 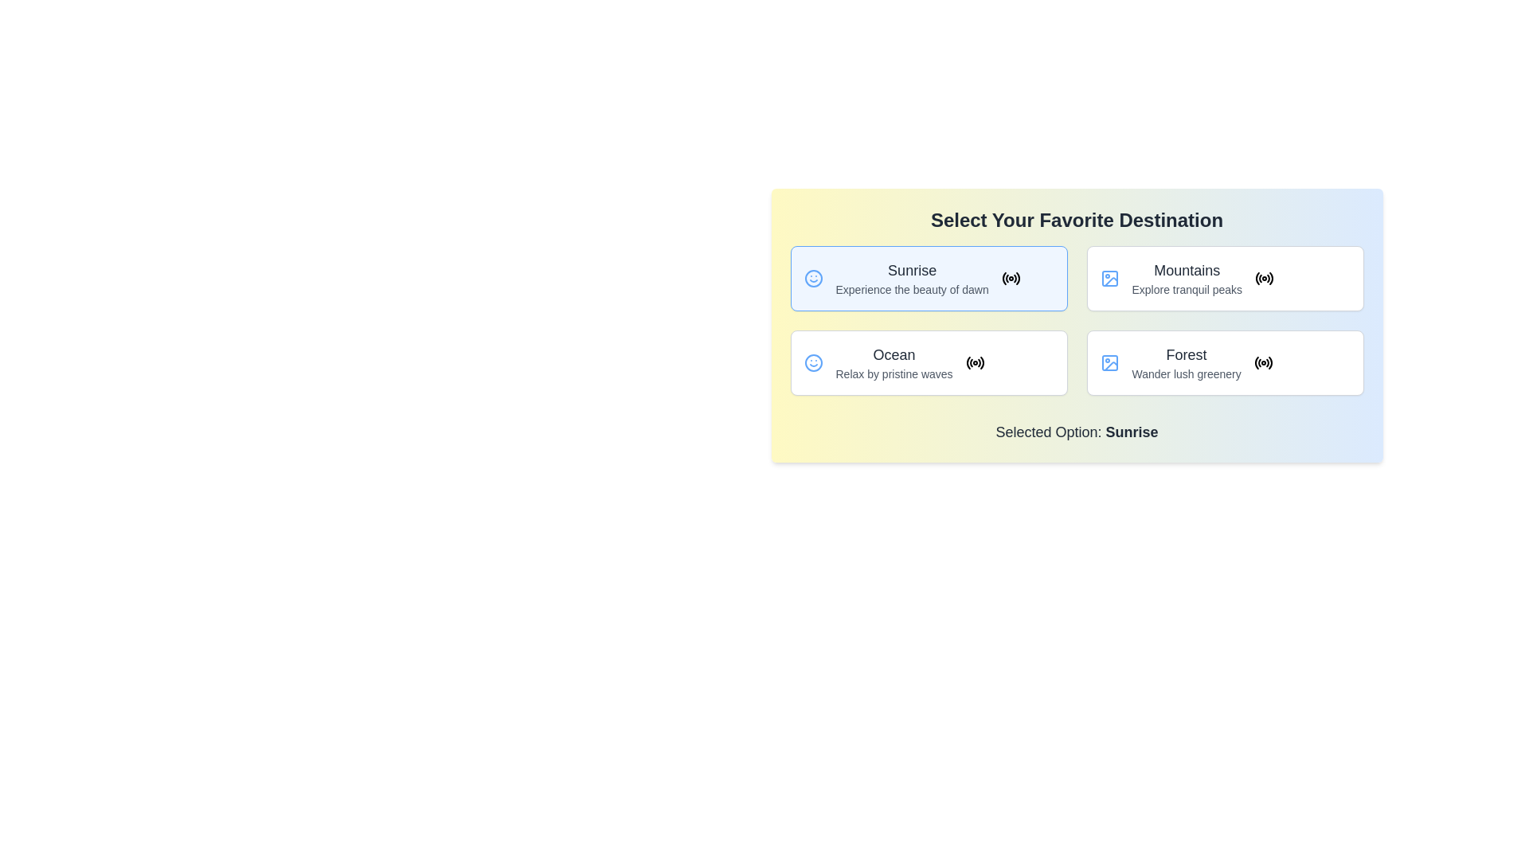 I want to click on the 'Forest' radio button to trigger a tooltip or visual effect, which indicates its selection status, so click(x=1262, y=362).